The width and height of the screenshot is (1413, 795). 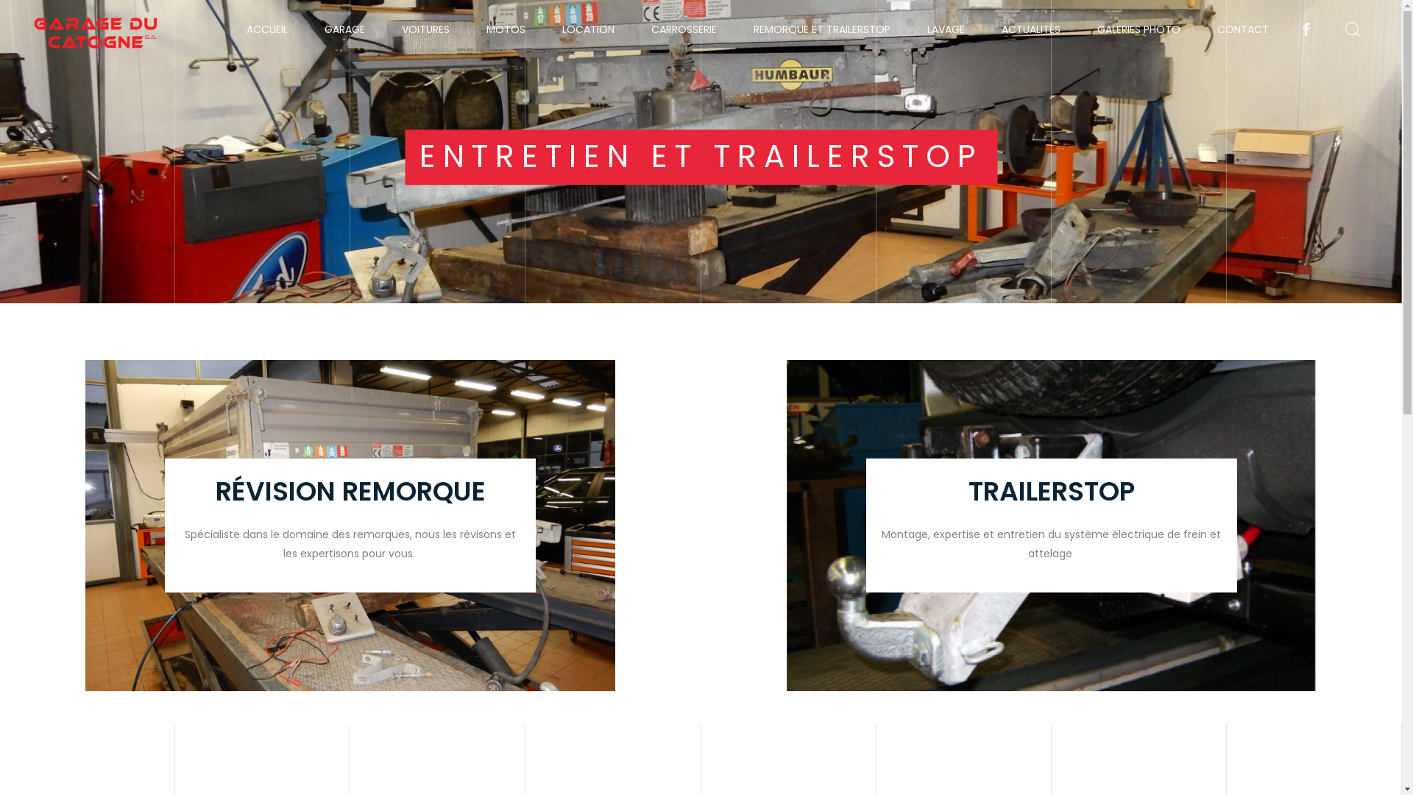 What do you see at coordinates (1086, 29) in the screenshot?
I see `'GALERIES PHOTO'` at bounding box center [1086, 29].